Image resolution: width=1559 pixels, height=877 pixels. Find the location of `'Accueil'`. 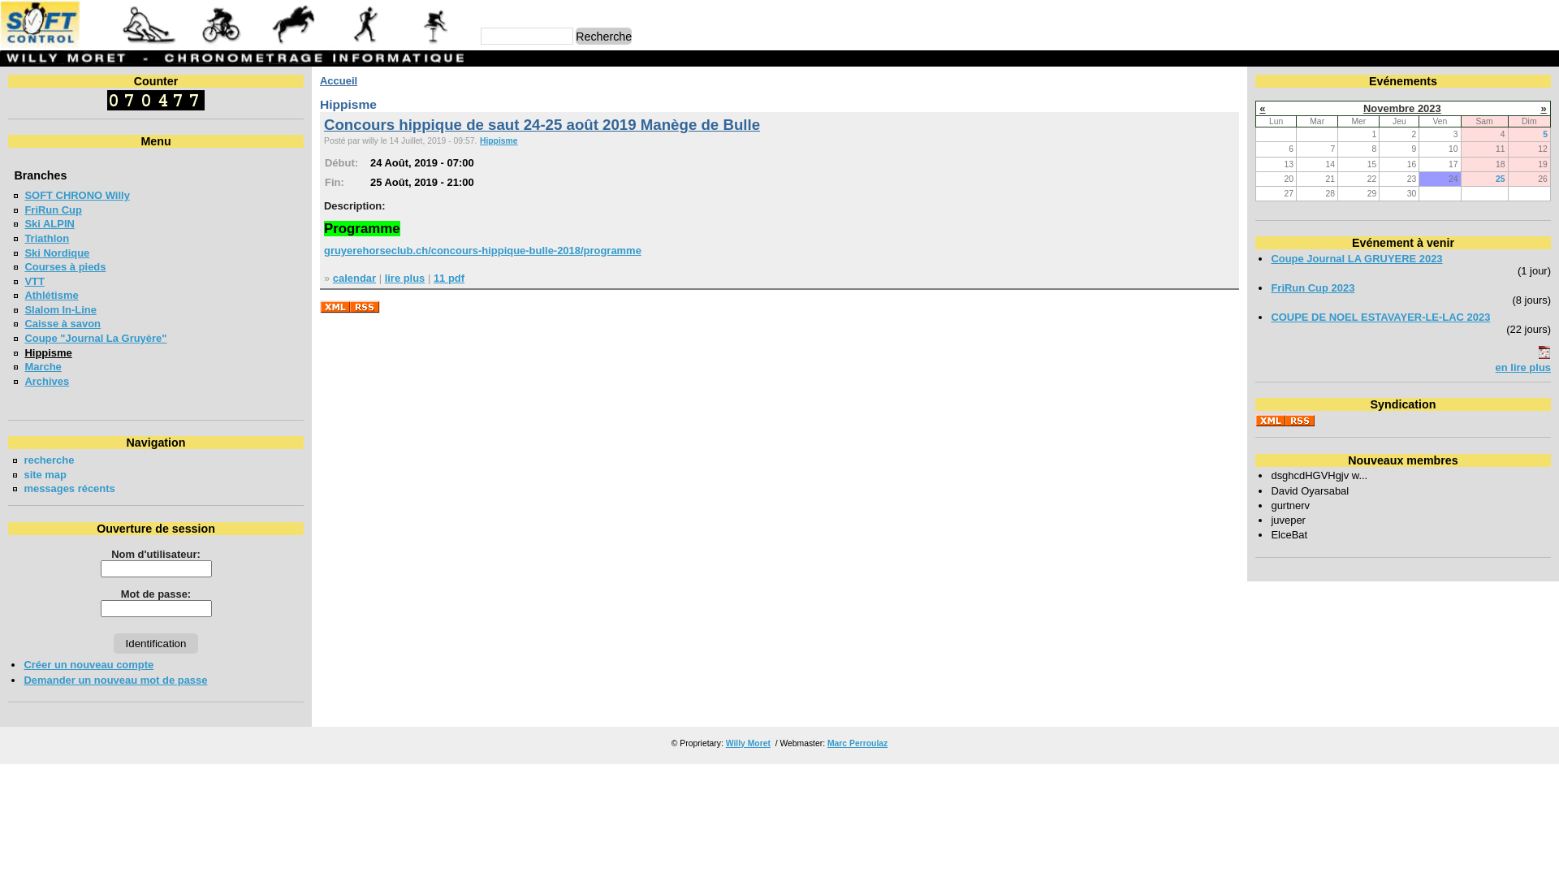

'Accueil' is located at coordinates (338, 80).